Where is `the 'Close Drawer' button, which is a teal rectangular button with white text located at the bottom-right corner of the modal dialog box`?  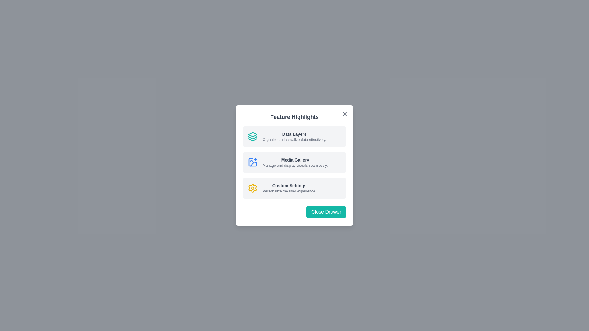
the 'Close Drawer' button, which is a teal rectangular button with white text located at the bottom-right corner of the modal dialog box is located at coordinates (326, 211).